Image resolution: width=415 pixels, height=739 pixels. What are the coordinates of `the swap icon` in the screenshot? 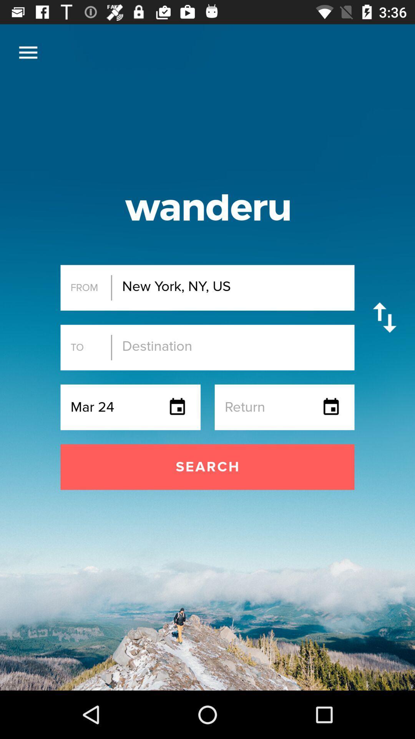 It's located at (385, 318).